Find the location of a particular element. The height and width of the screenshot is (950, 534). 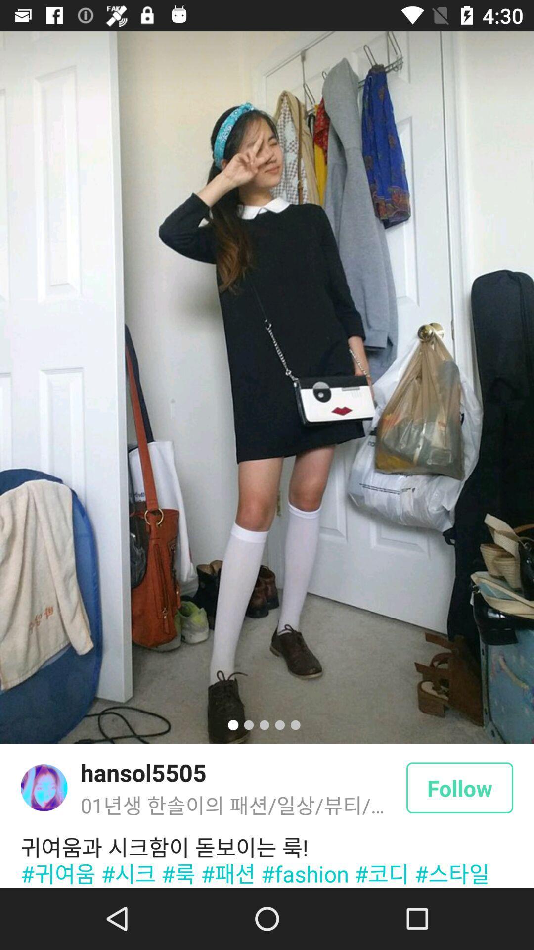

see profile is located at coordinates (44, 787).